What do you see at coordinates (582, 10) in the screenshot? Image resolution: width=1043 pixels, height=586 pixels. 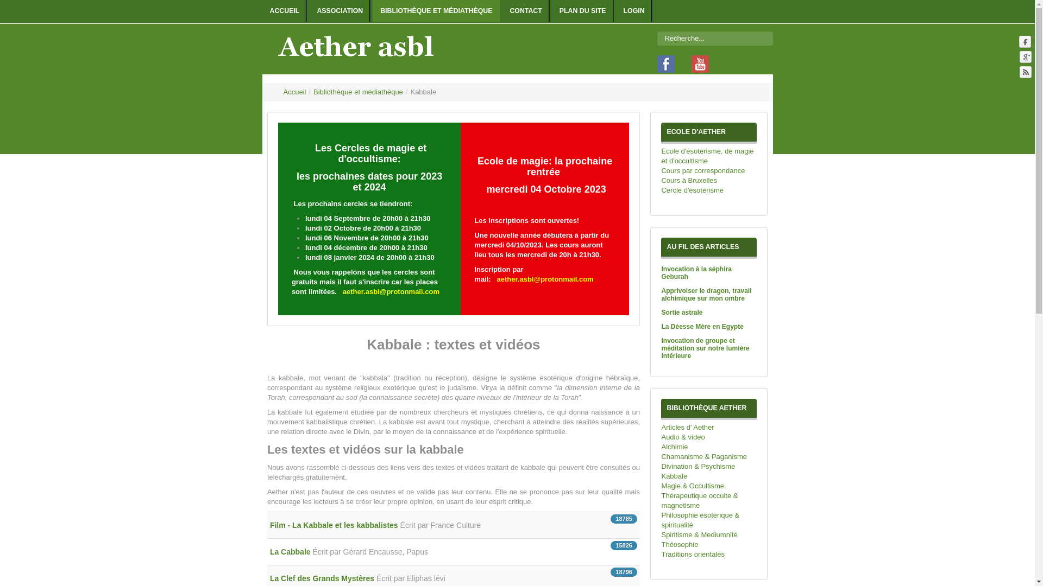 I see `'PLAN DU SITE'` at bounding box center [582, 10].